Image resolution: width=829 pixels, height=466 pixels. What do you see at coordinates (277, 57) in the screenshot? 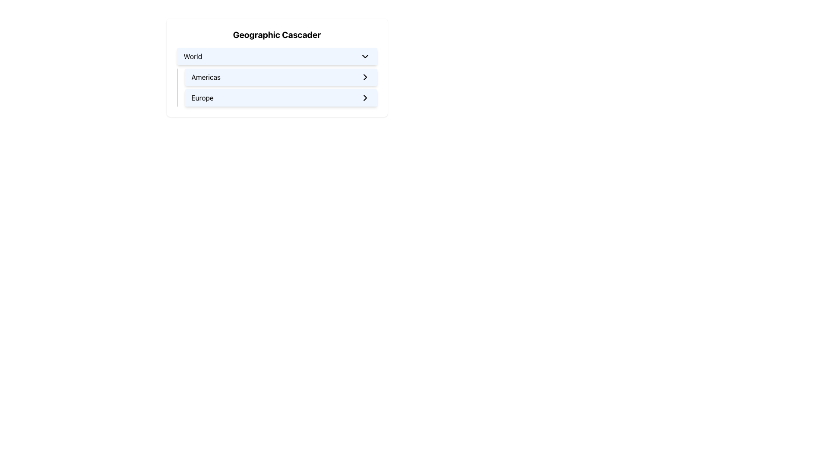
I see `the dropdown menu trigger located at the top-most position of the dropdown list` at bounding box center [277, 57].